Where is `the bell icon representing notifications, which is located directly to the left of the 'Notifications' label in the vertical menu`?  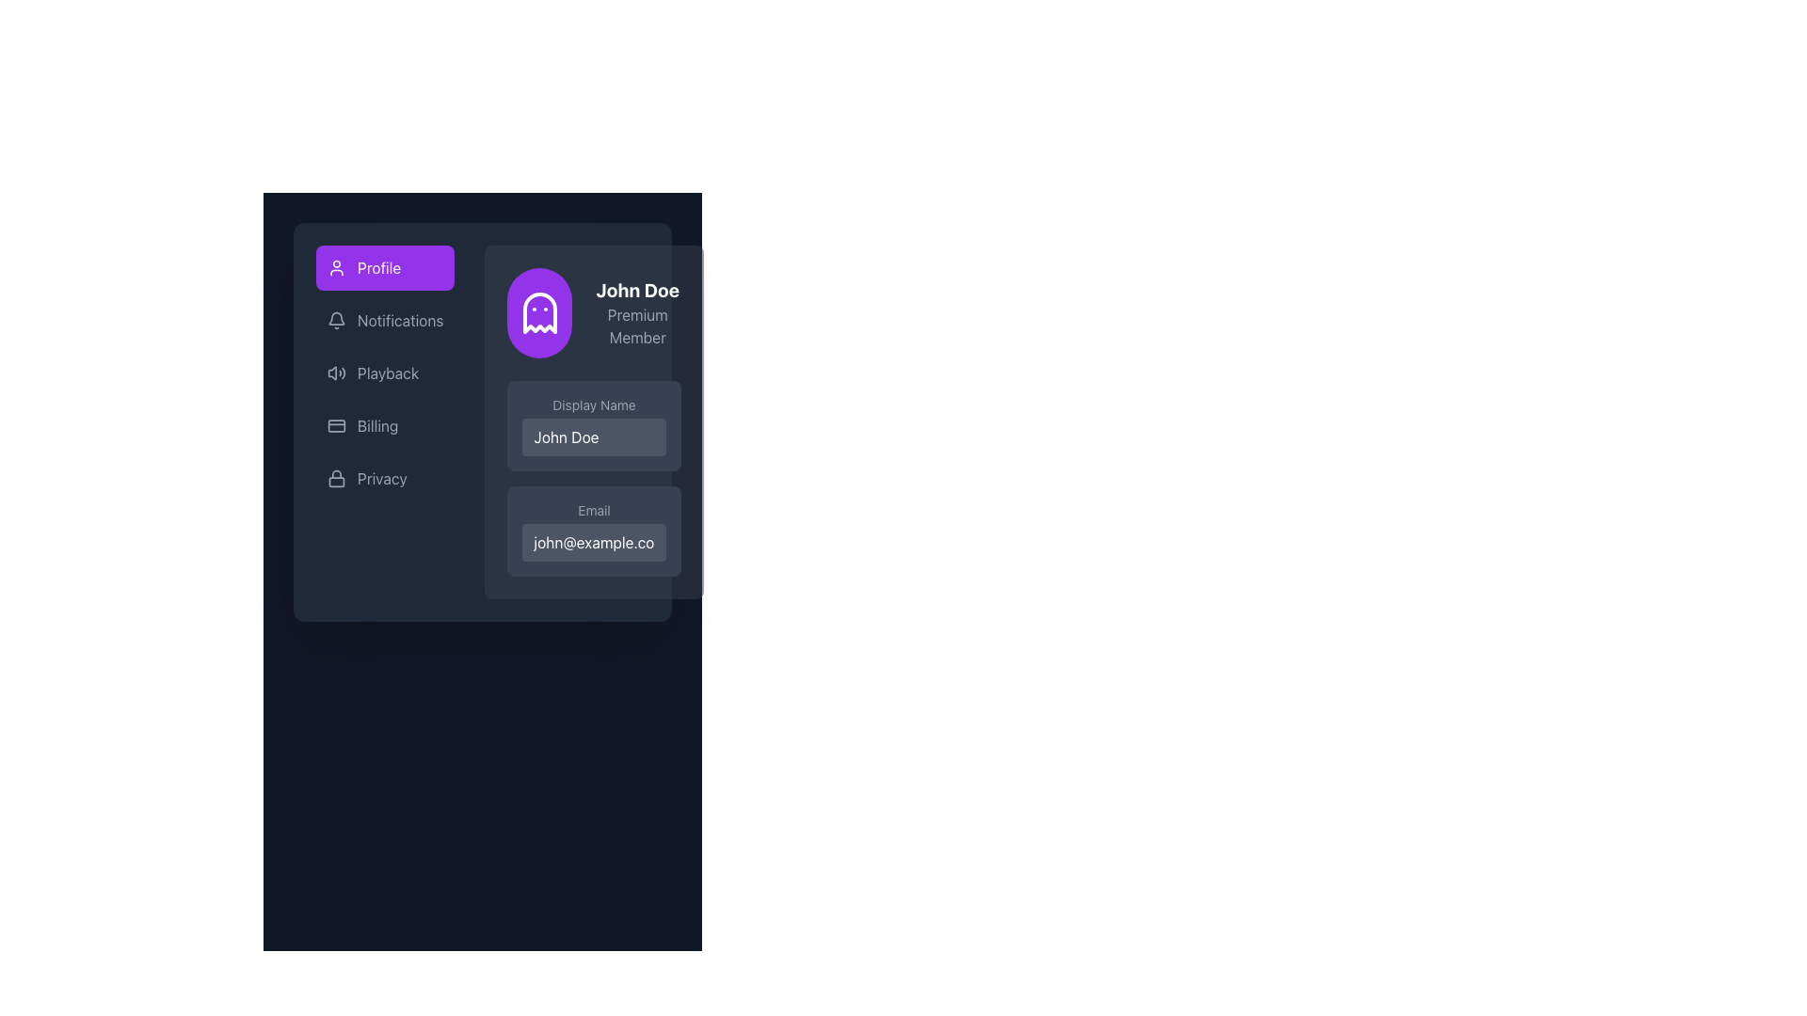 the bell icon representing notifications, which is located directly to the left of the 'Notifications' label in the vertical menu is located at coordinates (337, 319).